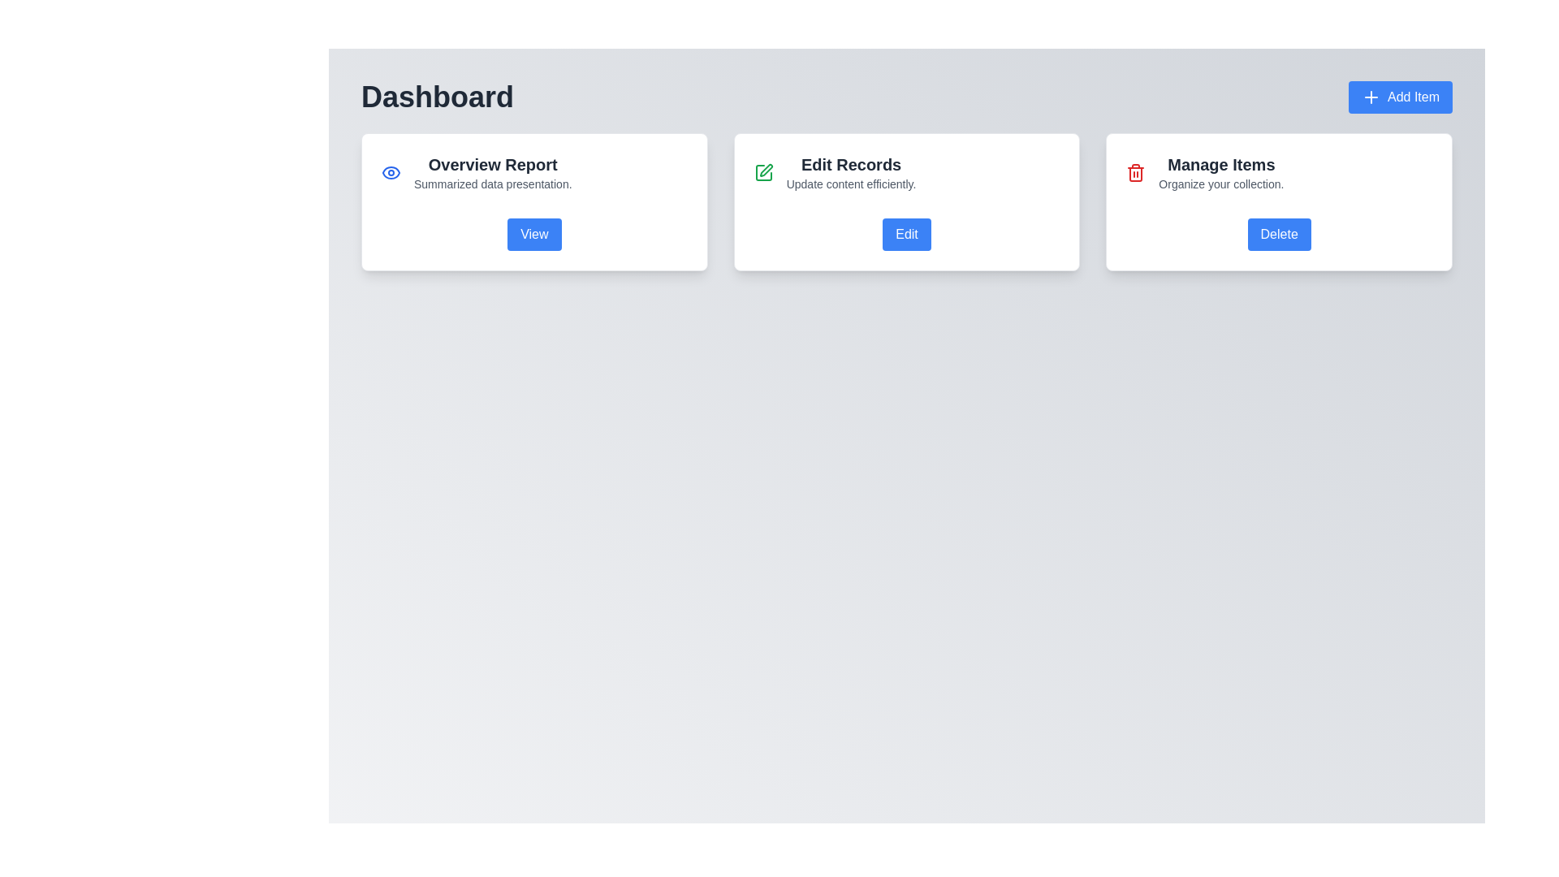 Image resolution: width=1559 pixels, height=877 pixels. I want to click on the pencil icon enclosed within a square frame located at the upper-left corner of the 'Edit Records' card, which signifies the editing functionality, so click(762, 172).